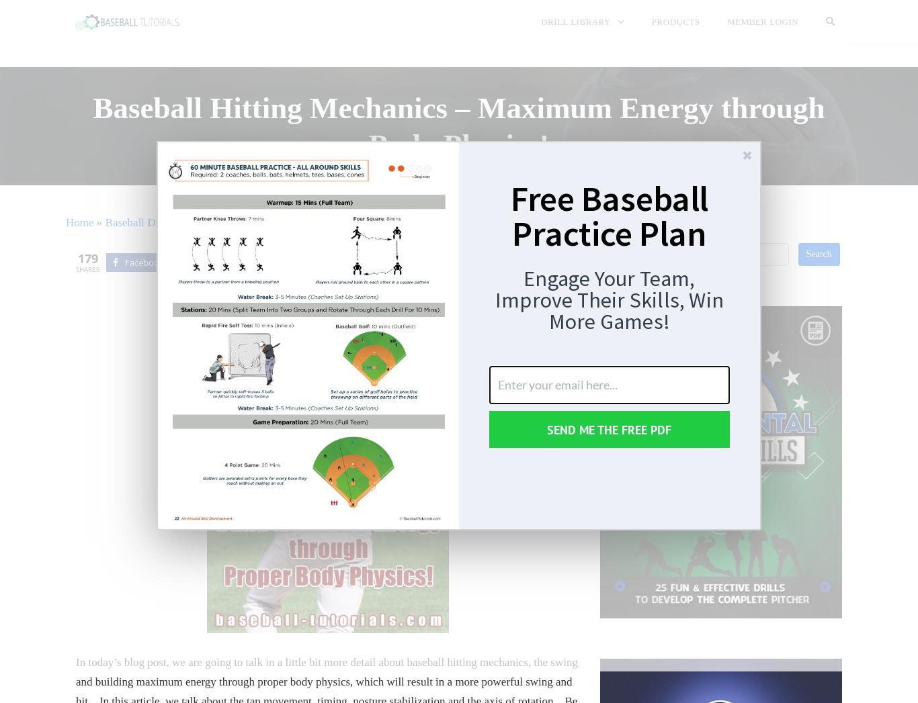 This screenshot has height=703, width=918. What do you see at coordinates (87, 269) in the screenshot?
I see `'shares'` at bounding box center [87, 269].